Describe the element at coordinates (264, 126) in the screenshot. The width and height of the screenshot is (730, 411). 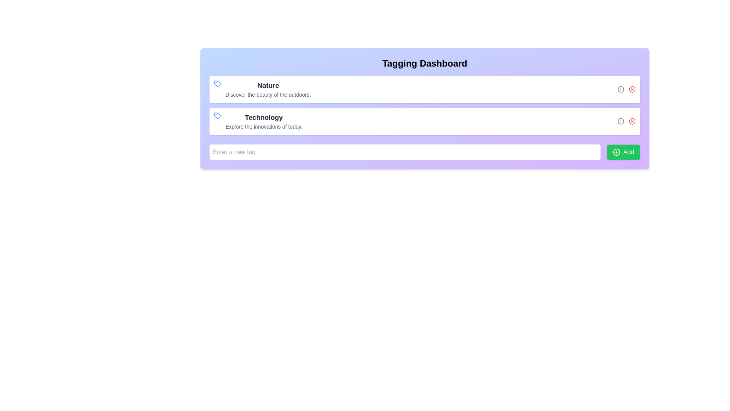
I see `the descriptive text element positioned directly underneath the 'Technology' header` at that location.